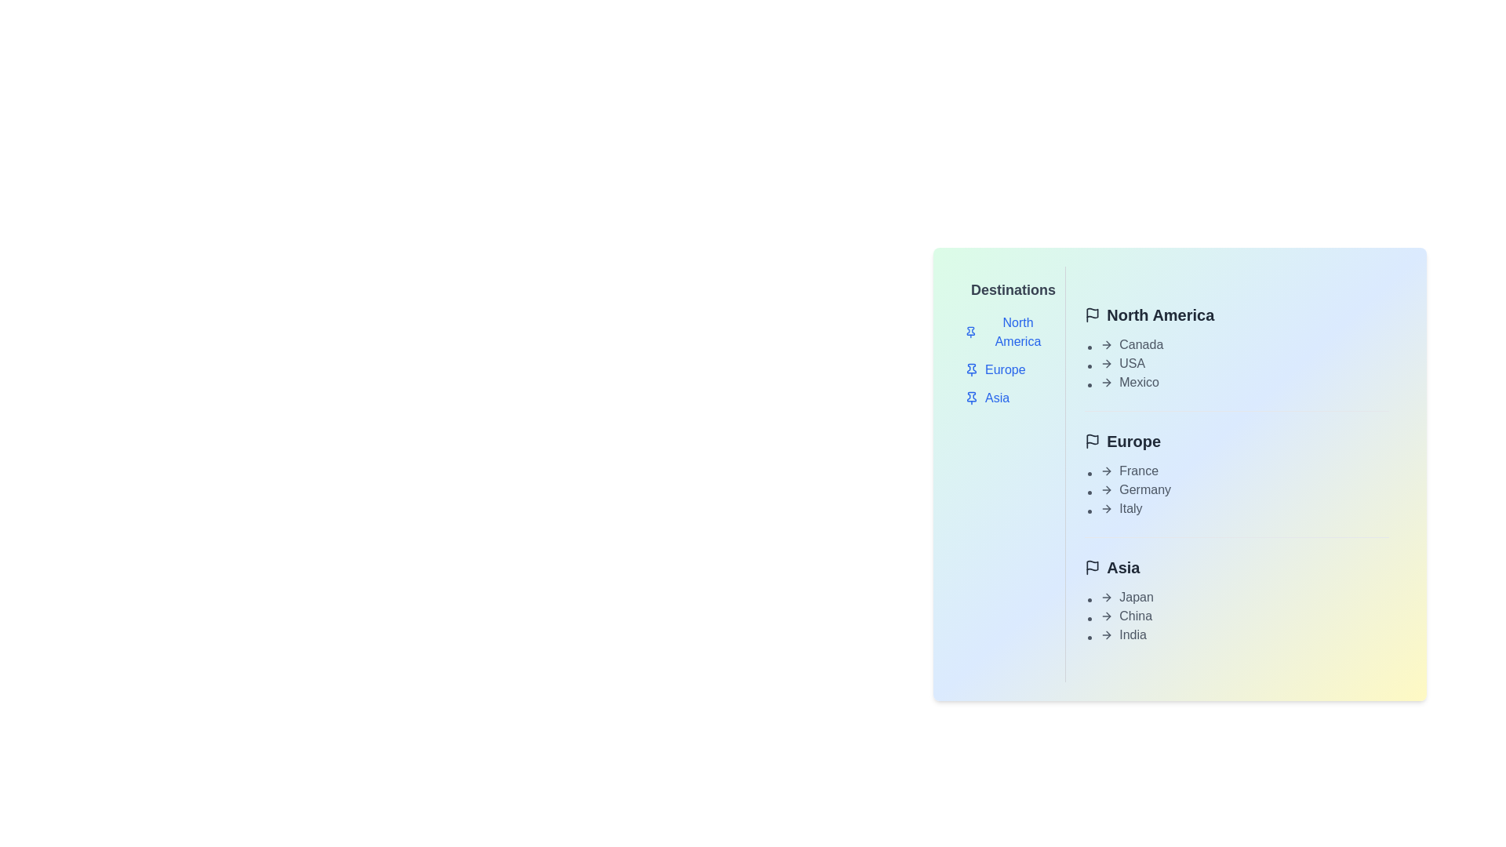  Describe the element at coordinates (970, 369) in the screenshot. I see `the lower part of the pin icon located in the middle of a vertical list of destinations, positioned to the left of the text 'Europe'` at that location.